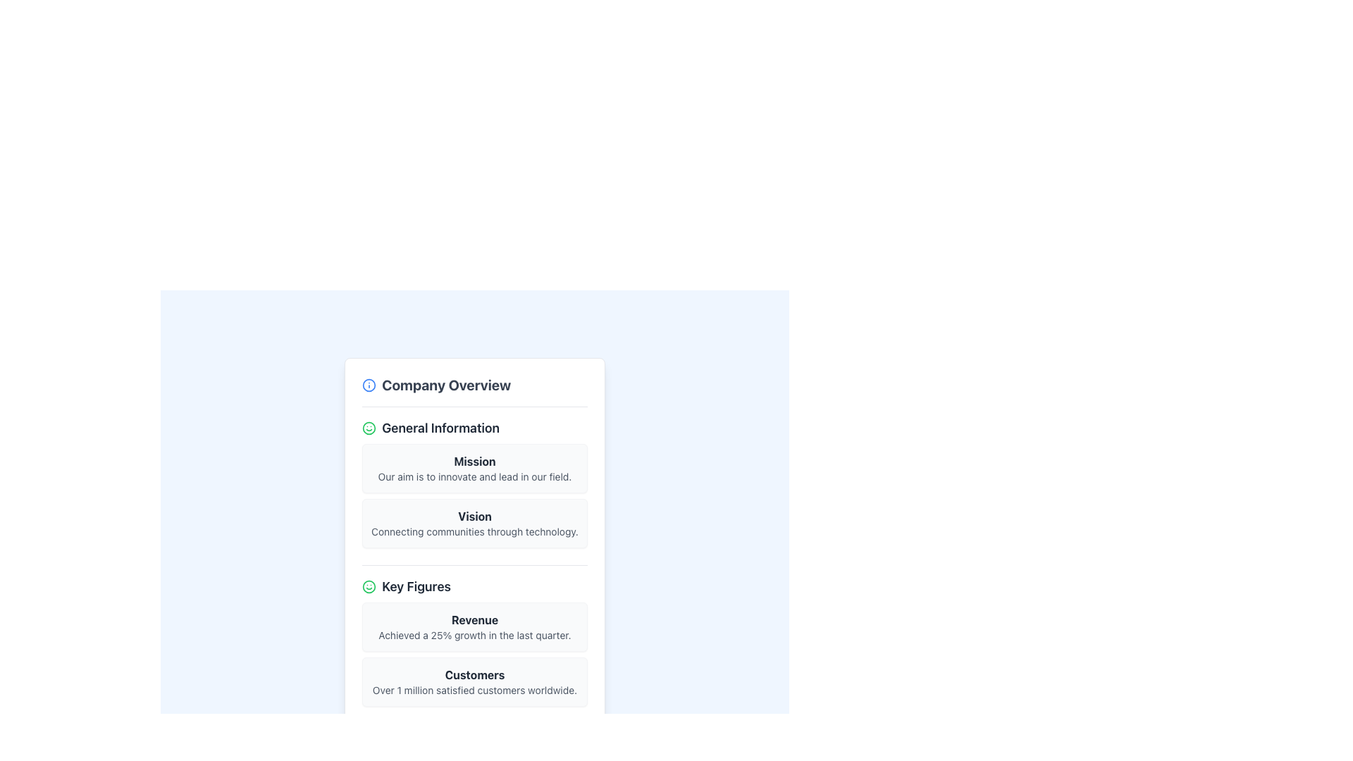 This screenshot has height=761, width=1353. I want to click on the smiley icon that conveys a positive emotion, located to the left of the 'General Information' text, so click(369, 428).